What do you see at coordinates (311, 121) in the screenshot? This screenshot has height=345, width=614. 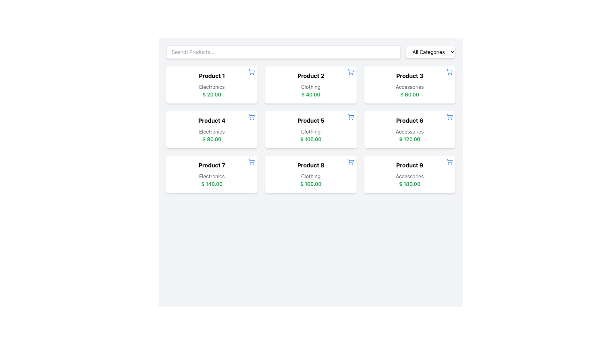 I see `the bold black text label 'Product 5' which is centrally aligned within a white card in the grid layout` at bounding box center [311, 121].